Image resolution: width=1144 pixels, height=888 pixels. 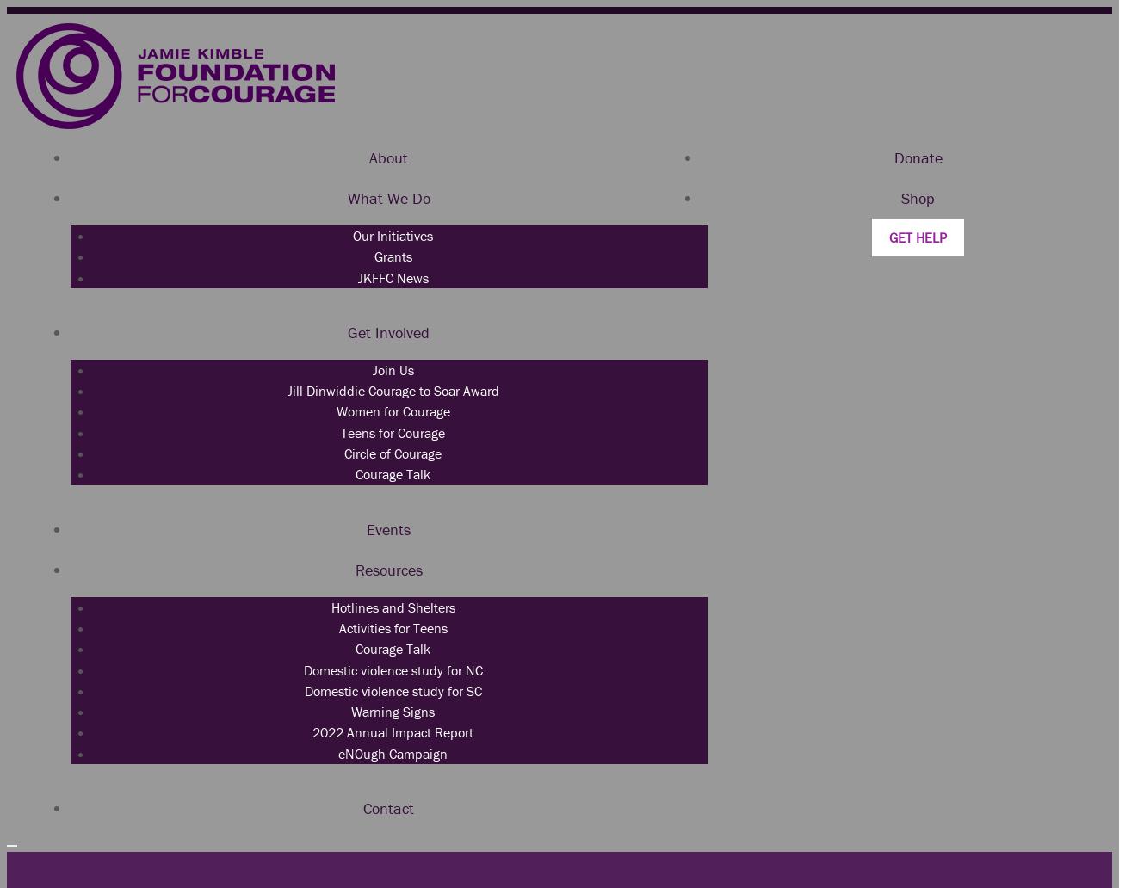 What do you see at coordinates (391, 389) in the screenshot?
I see `'Jill Dinwiddie Courage to Soar Award'` at bounding box center [391, 389].